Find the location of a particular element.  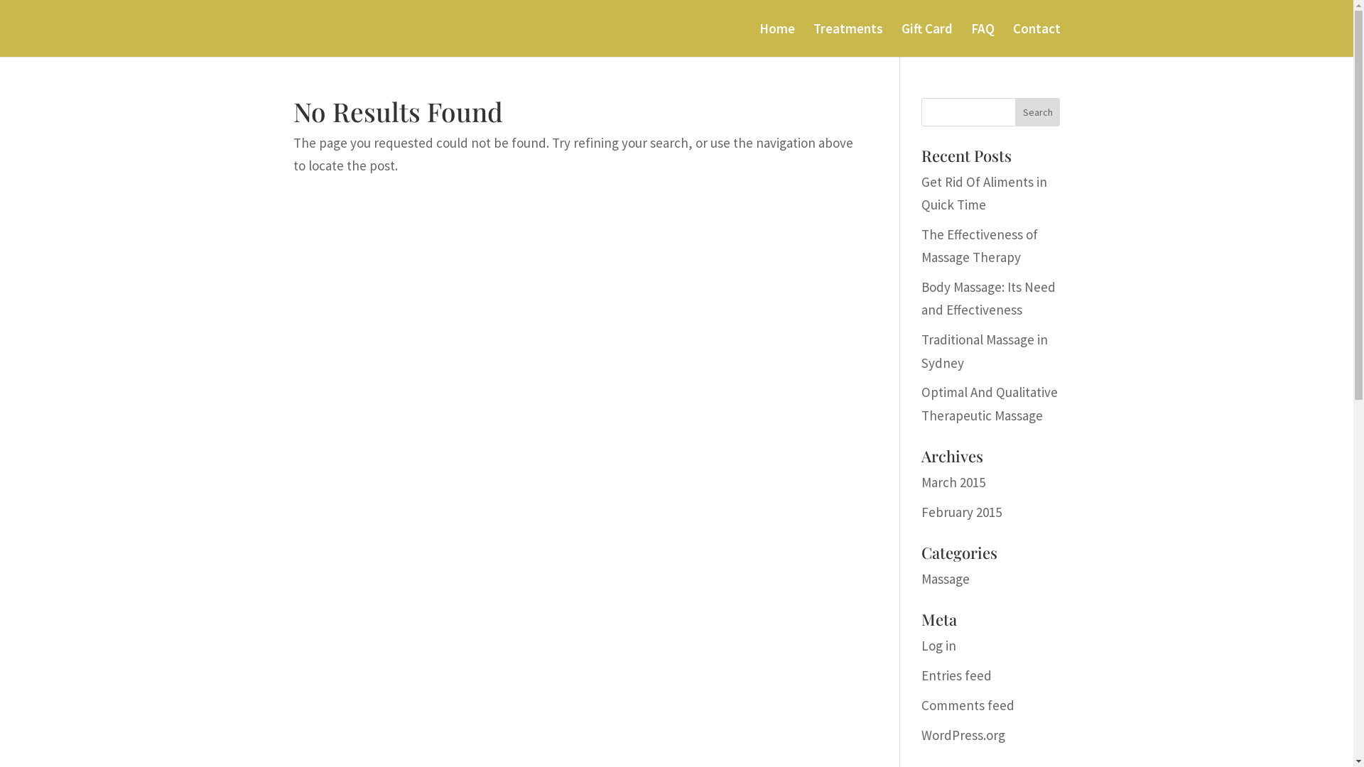

'Contact' is located at coordinates (1036, 39).